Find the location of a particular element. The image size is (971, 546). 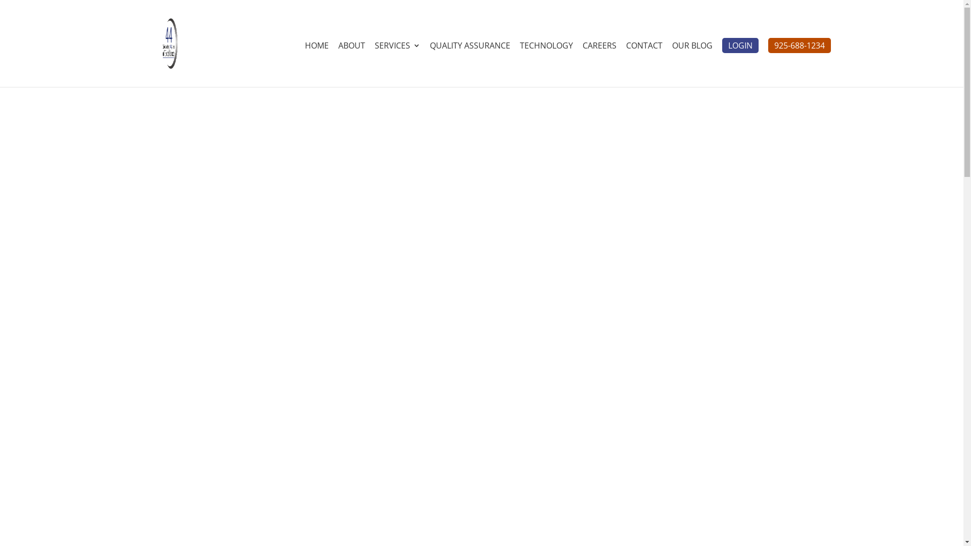

'TECHNOLOGY' is located at coordinates (546, 64).